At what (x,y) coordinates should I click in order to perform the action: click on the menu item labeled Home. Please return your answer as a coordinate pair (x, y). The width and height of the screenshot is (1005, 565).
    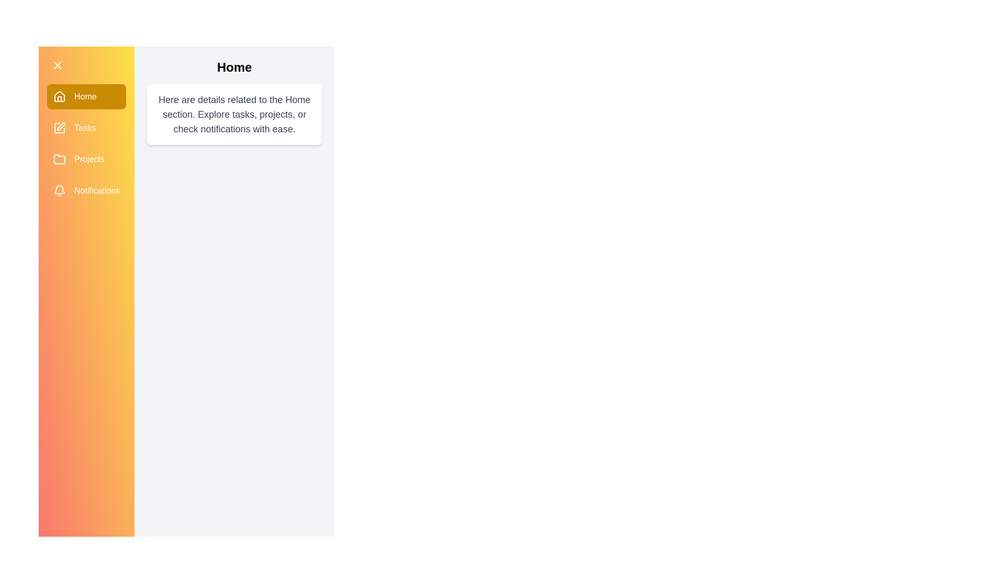
    Looking at the image, I should click on (86, 97).